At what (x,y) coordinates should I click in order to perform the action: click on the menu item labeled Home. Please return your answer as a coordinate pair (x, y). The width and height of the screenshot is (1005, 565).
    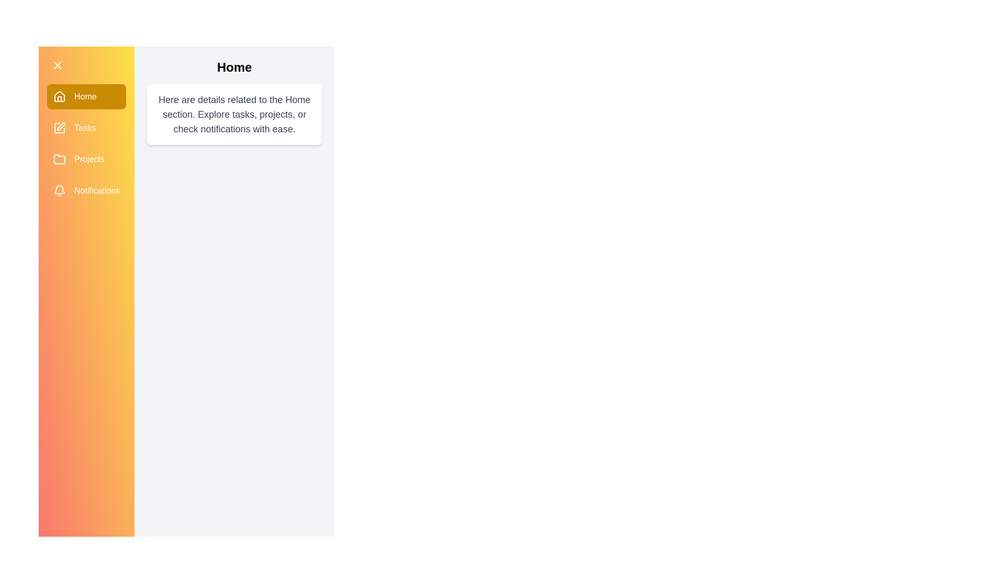
    Looking at the image, I should click on (86, 97).